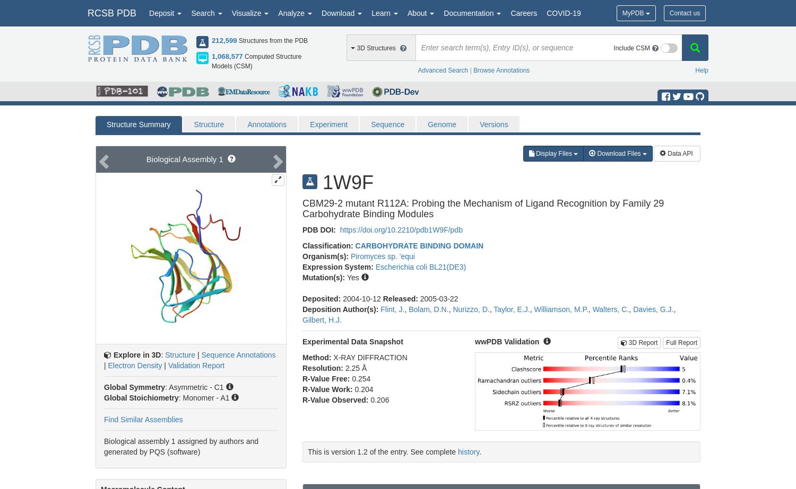 The height and width of the screenshot is (489, 796). Describe the element at coordinates (328, 388) in the screenshot. I see `'R-Value Work:'` at that location.